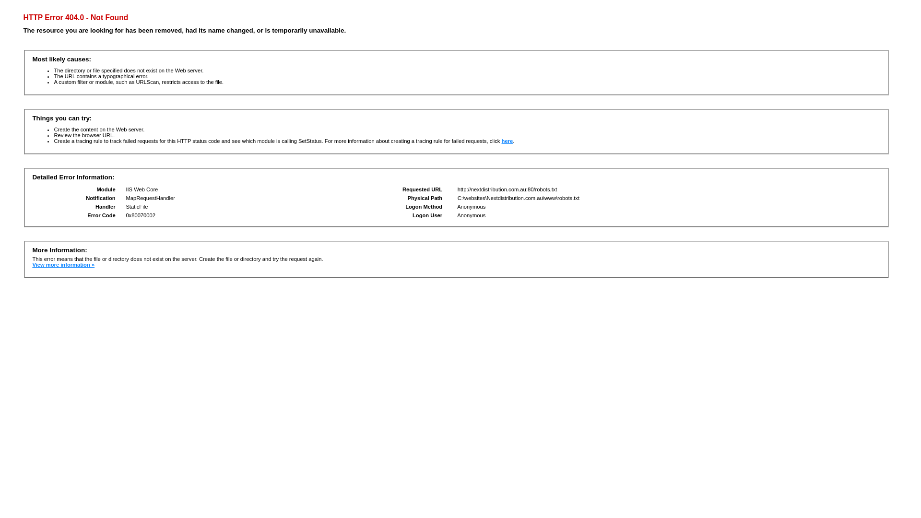  Describe the element at coordinates (507, 141) in the screenshot. I see `'here'` at that location.